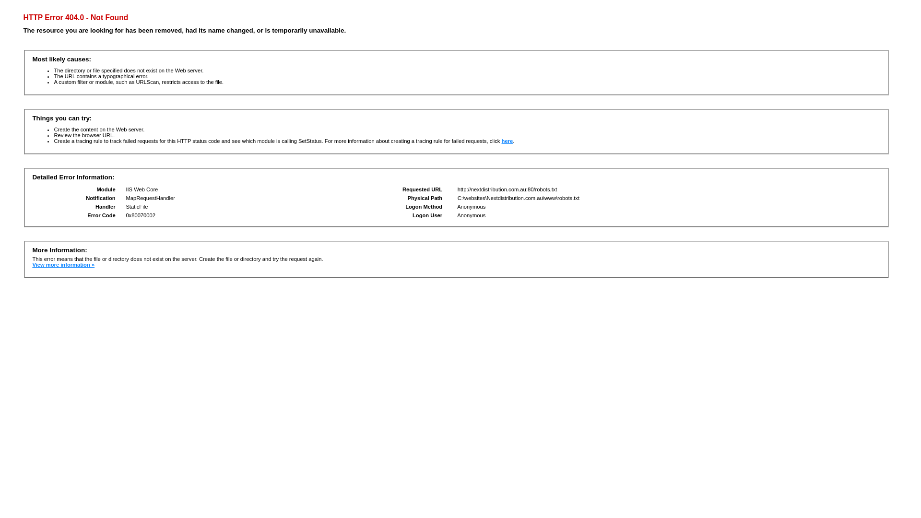  Describe the element at coordinates (507, 141) in the screenshot. I see `'here'` at that location.